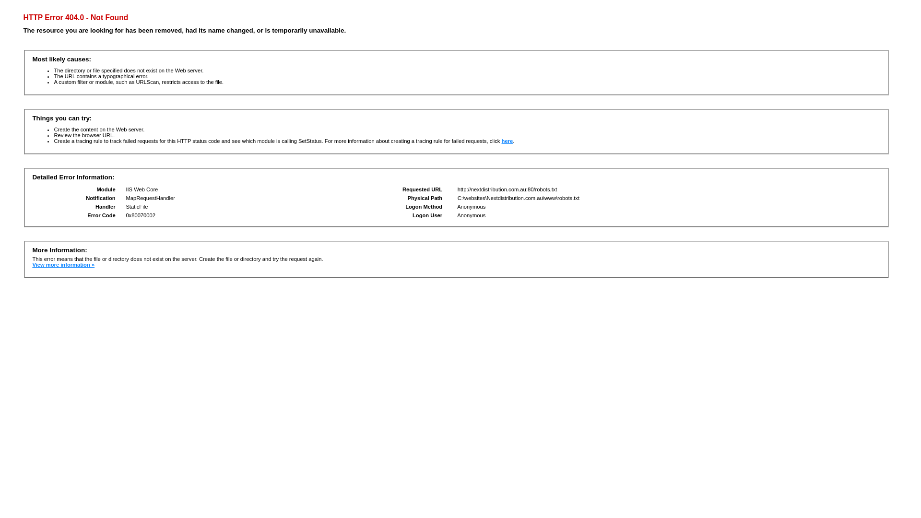  Describe the element at coordinates (507, 141) in the screenshot. I see `'here'` at that location.